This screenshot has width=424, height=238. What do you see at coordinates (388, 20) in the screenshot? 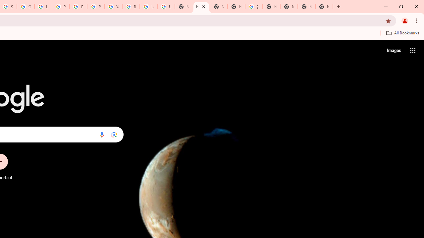
I see `'Bookmark this tab'` at bounding box center [388, 20].